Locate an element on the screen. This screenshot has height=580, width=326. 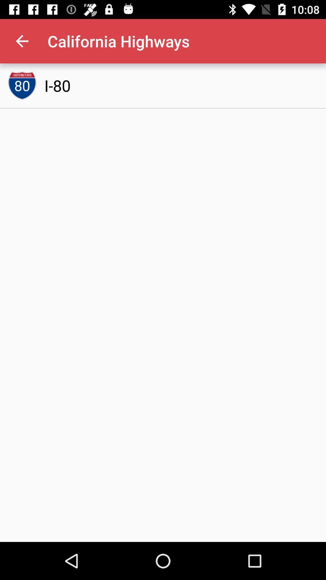
icon to the left of i-80 is located at coordinates (22, 85).